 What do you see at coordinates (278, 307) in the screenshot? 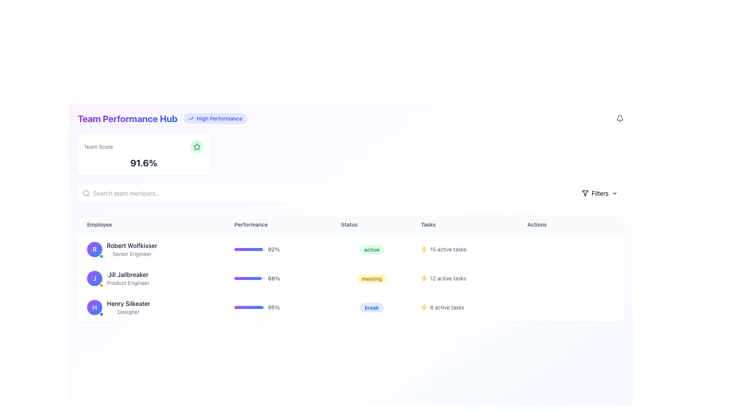
I see `the progress bar element indicating the performance percentage for the employee 'Henry Silkeater'` at bounding box center [278, 307].